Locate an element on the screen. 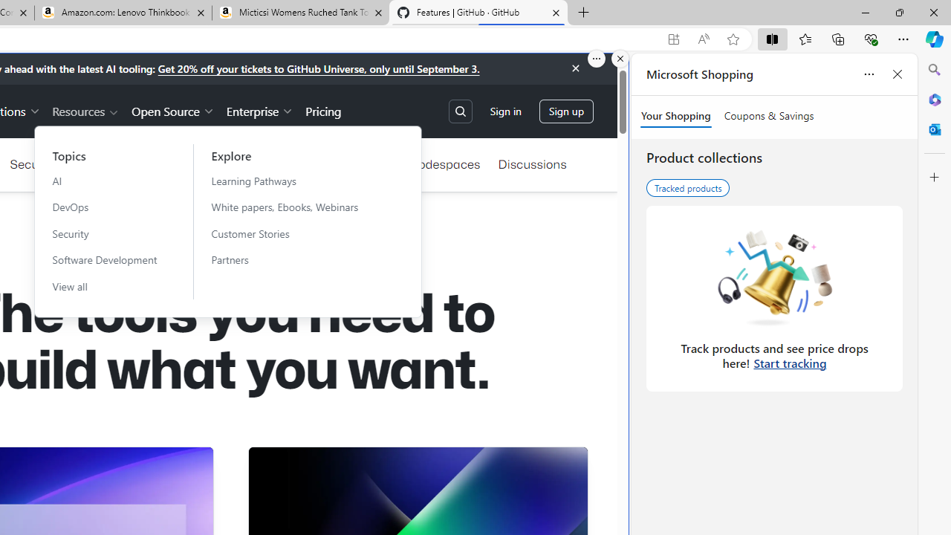 Image resolution: width=951 pixels, height=535 pixels. 'App available. Install ' is located at coordinates (672, 39).